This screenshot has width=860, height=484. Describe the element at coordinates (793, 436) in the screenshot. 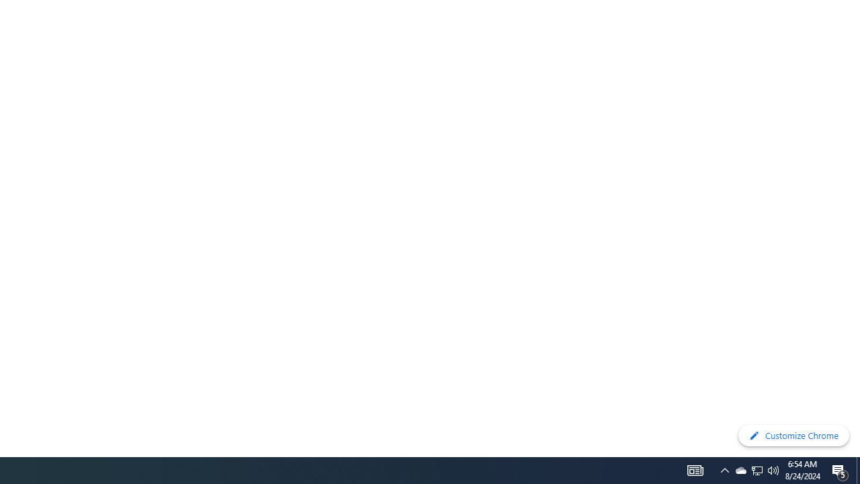

I see `'Customize Chrome'` at that location.